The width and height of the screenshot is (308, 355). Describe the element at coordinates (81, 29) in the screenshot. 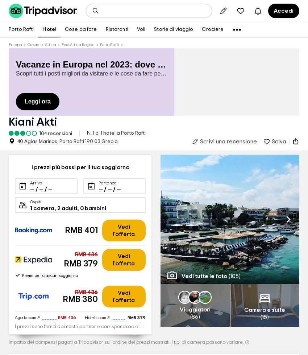

I see `'Cose da fare'` at that location.